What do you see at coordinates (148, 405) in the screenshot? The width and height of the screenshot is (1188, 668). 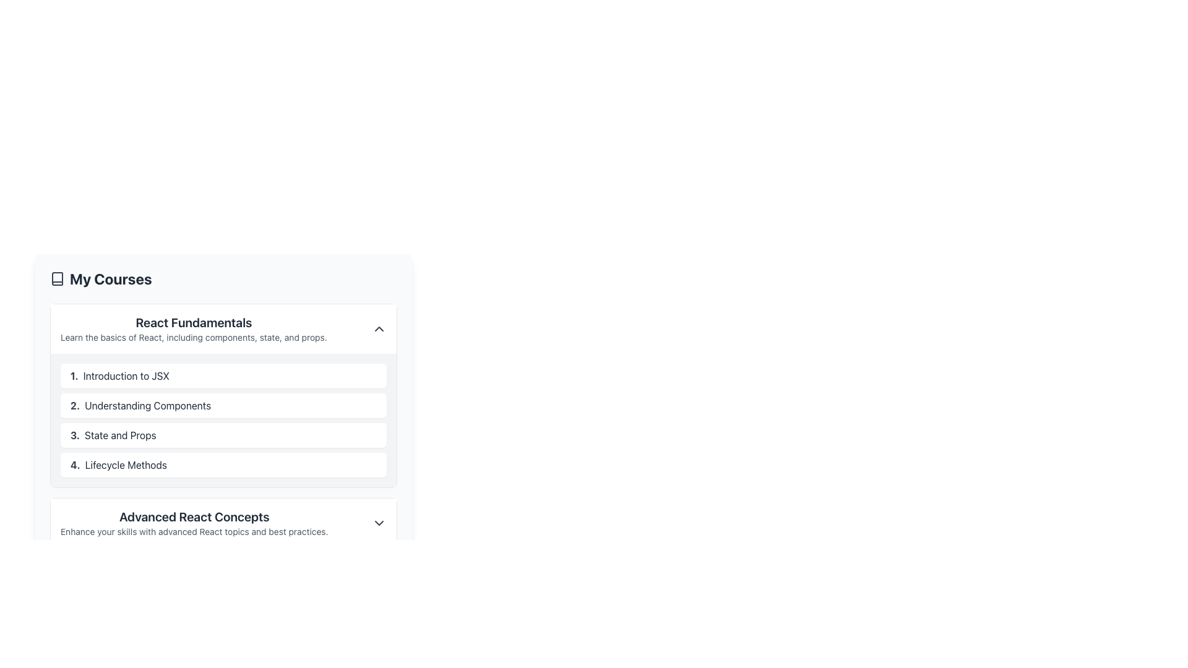 I see `text label that serves as a title for a list entry under the 'React Fundamentals' section, positioned between 'Introduction to JSX' and 'State and Props'` at bounding box center [148, 405].